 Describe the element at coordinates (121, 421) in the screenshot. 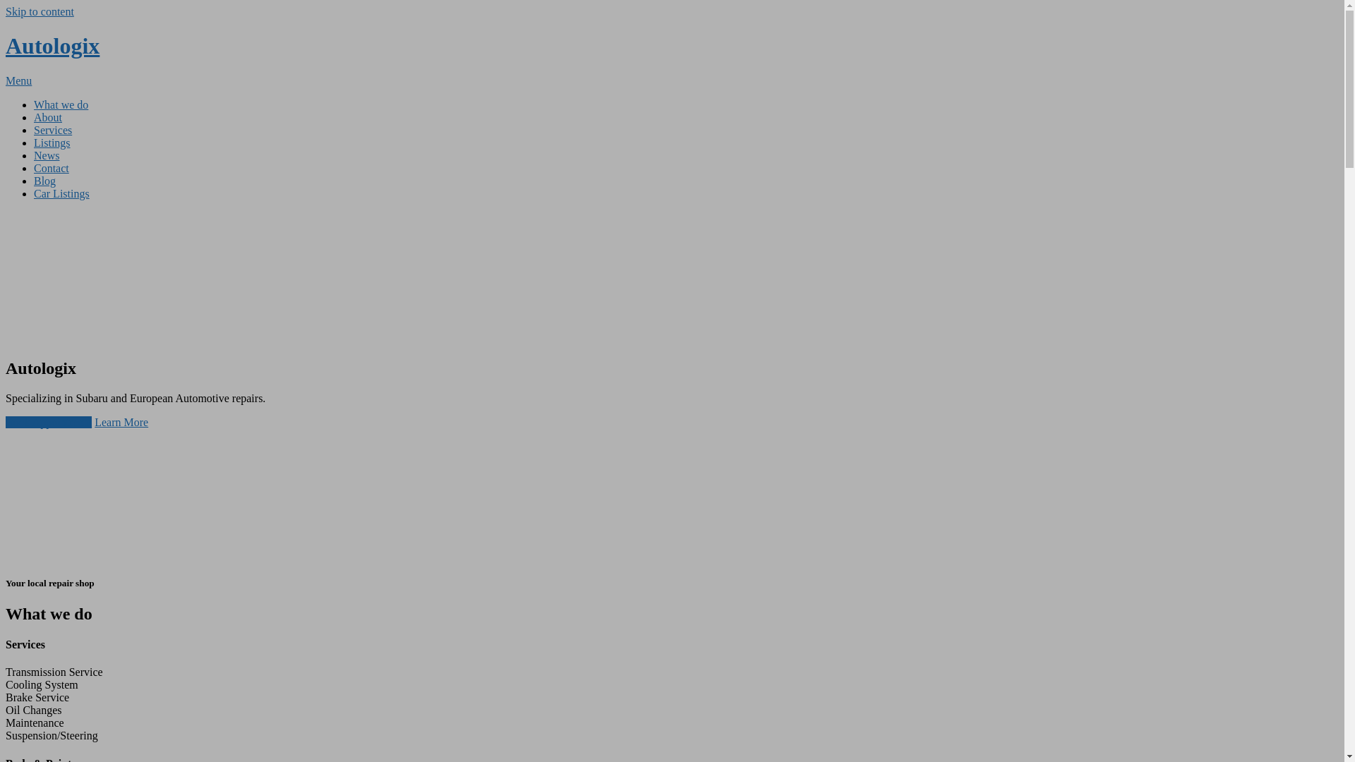

I see `'Learn More'` at that location.